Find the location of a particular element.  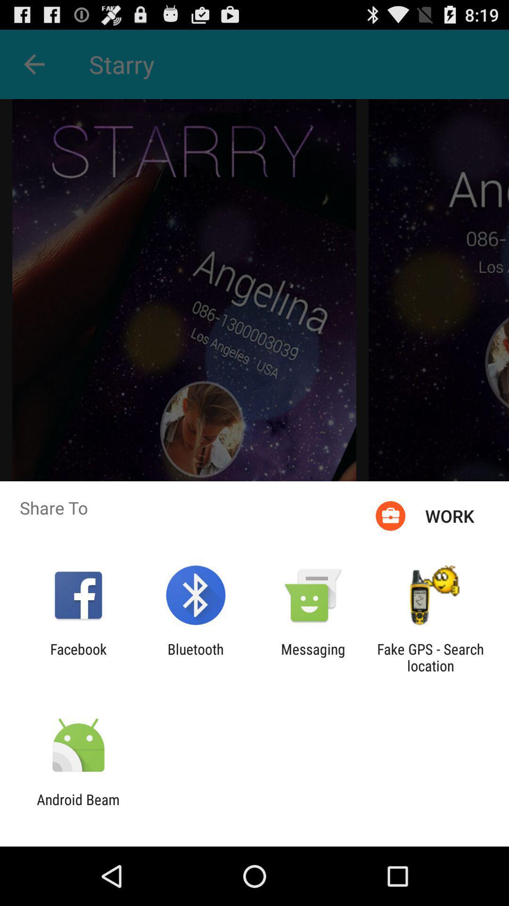

the facebook item is located at coordinates (78, 657).